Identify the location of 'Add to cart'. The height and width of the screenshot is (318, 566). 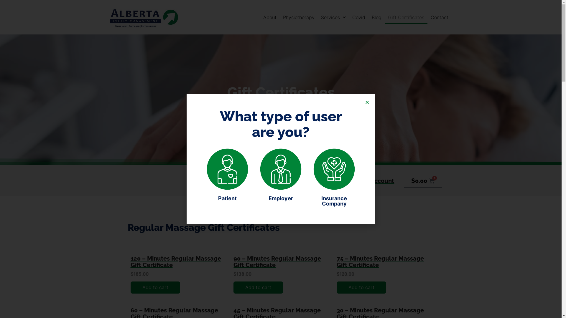
(258, 287).